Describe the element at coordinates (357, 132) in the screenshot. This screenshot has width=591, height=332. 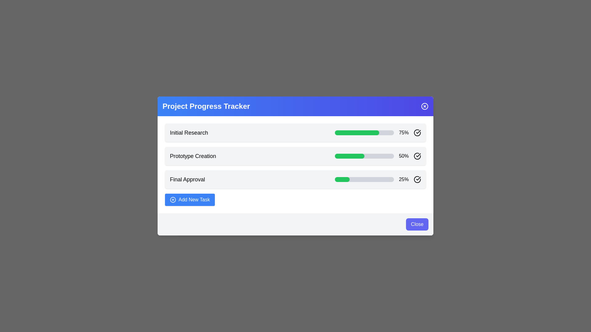
I see `the inner fill of the green progress bar in the 'Initial Research' task row of the 'Project Progress Tracker' interface` at that location.